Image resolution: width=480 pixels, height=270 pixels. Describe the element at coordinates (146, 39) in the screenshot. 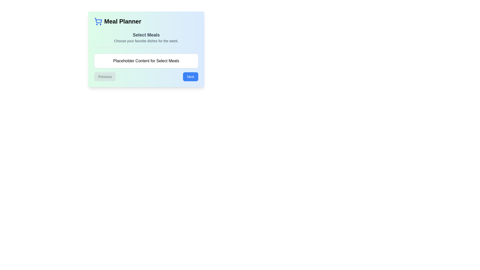

I see `the Informational Header and Subtext Group element labeled 'Select Meals' with the subtext 'Choose your favorite dishes for the week.'` at that location.